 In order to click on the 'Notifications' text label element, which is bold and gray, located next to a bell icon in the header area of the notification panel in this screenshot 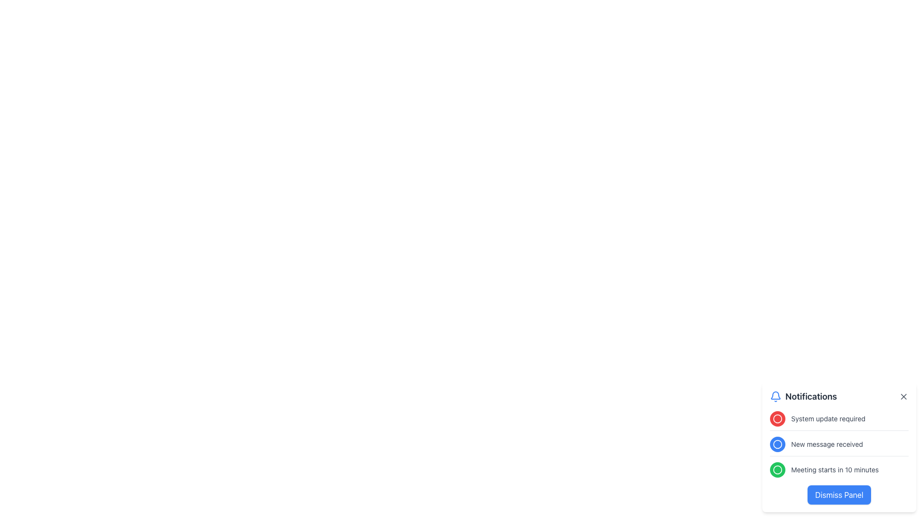, I will do `click(810, 397)`.